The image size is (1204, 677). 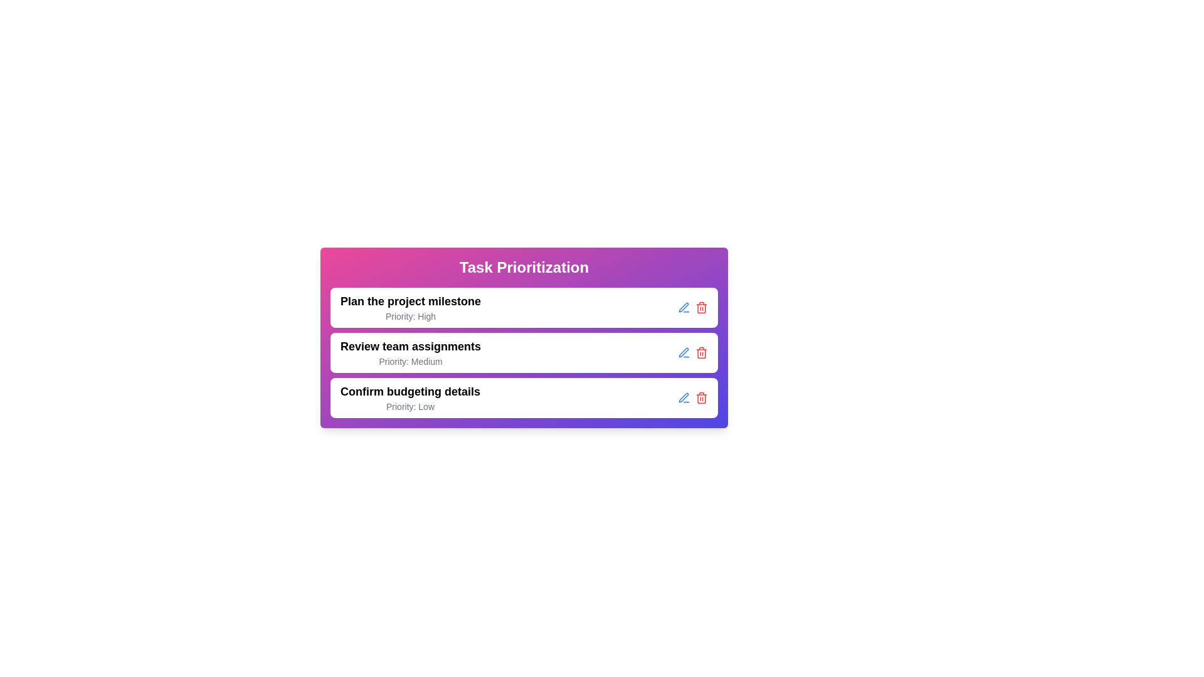 What do you see at coordinates (700, 308) in the screenshot?
I see `the red-colored segment of the trash bin icon` at bounding box center [700, 308].